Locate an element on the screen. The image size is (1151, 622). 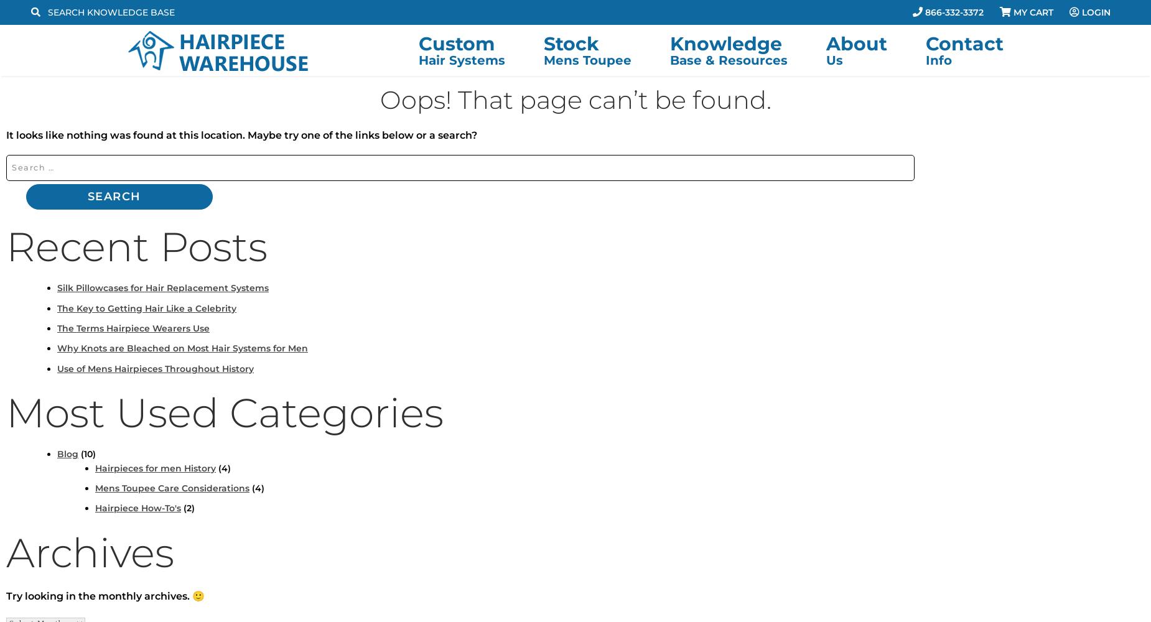
'(2)' is located at coordinates (187, 508).